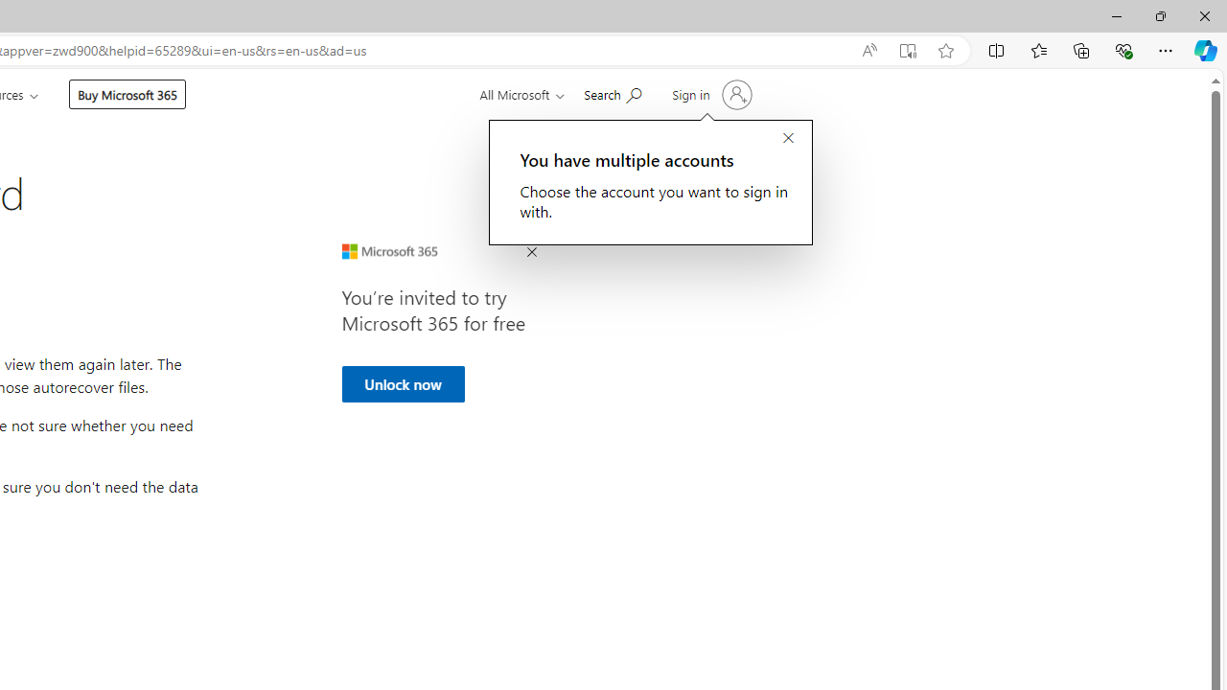 This screenshot has height=690, width=1227. What do you see at coordinates (709, 95) in the screenshot?
I see `'Sign in to your account'` at bounding box center [709, 95].